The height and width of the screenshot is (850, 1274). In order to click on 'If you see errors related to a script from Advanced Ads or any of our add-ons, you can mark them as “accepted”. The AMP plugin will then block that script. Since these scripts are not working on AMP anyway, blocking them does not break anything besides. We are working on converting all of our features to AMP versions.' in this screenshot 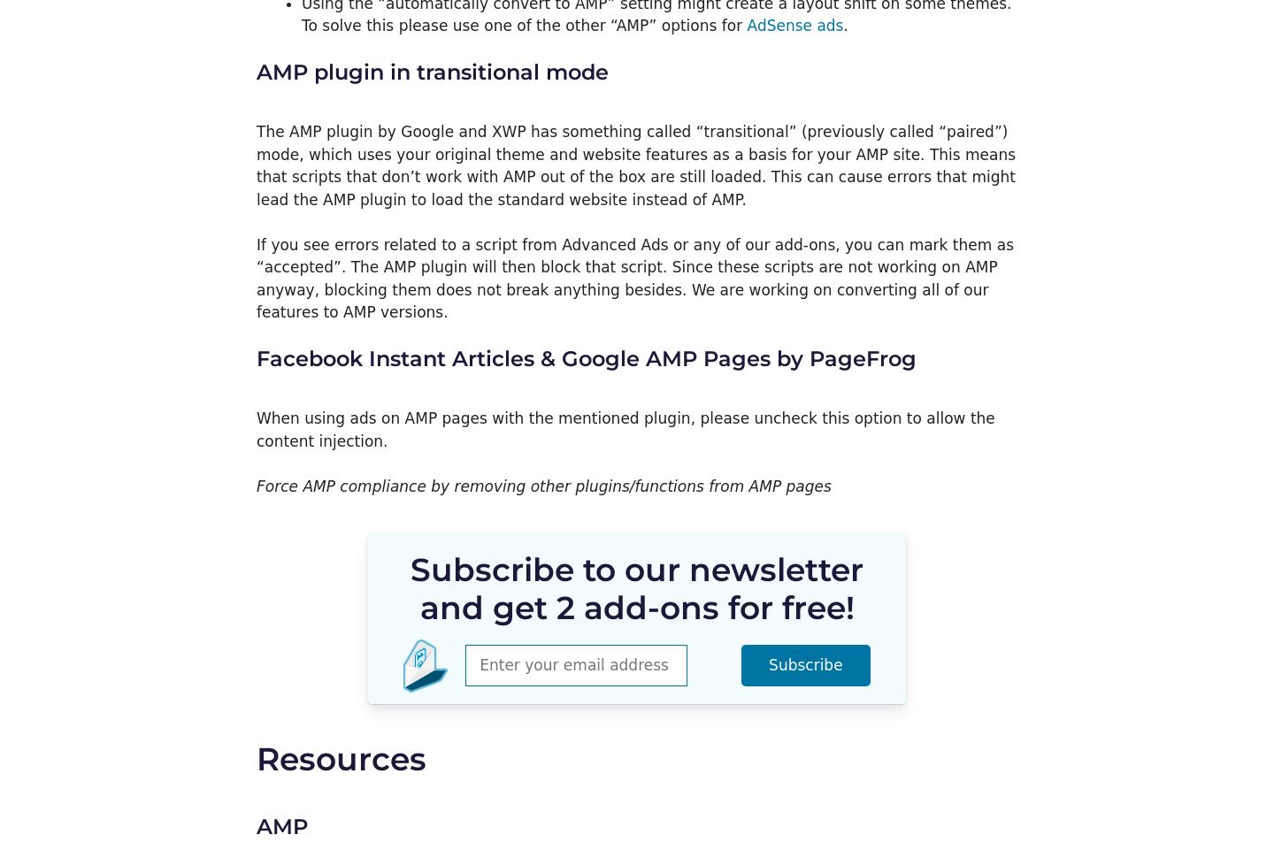, I will do `click(634, 278)`.